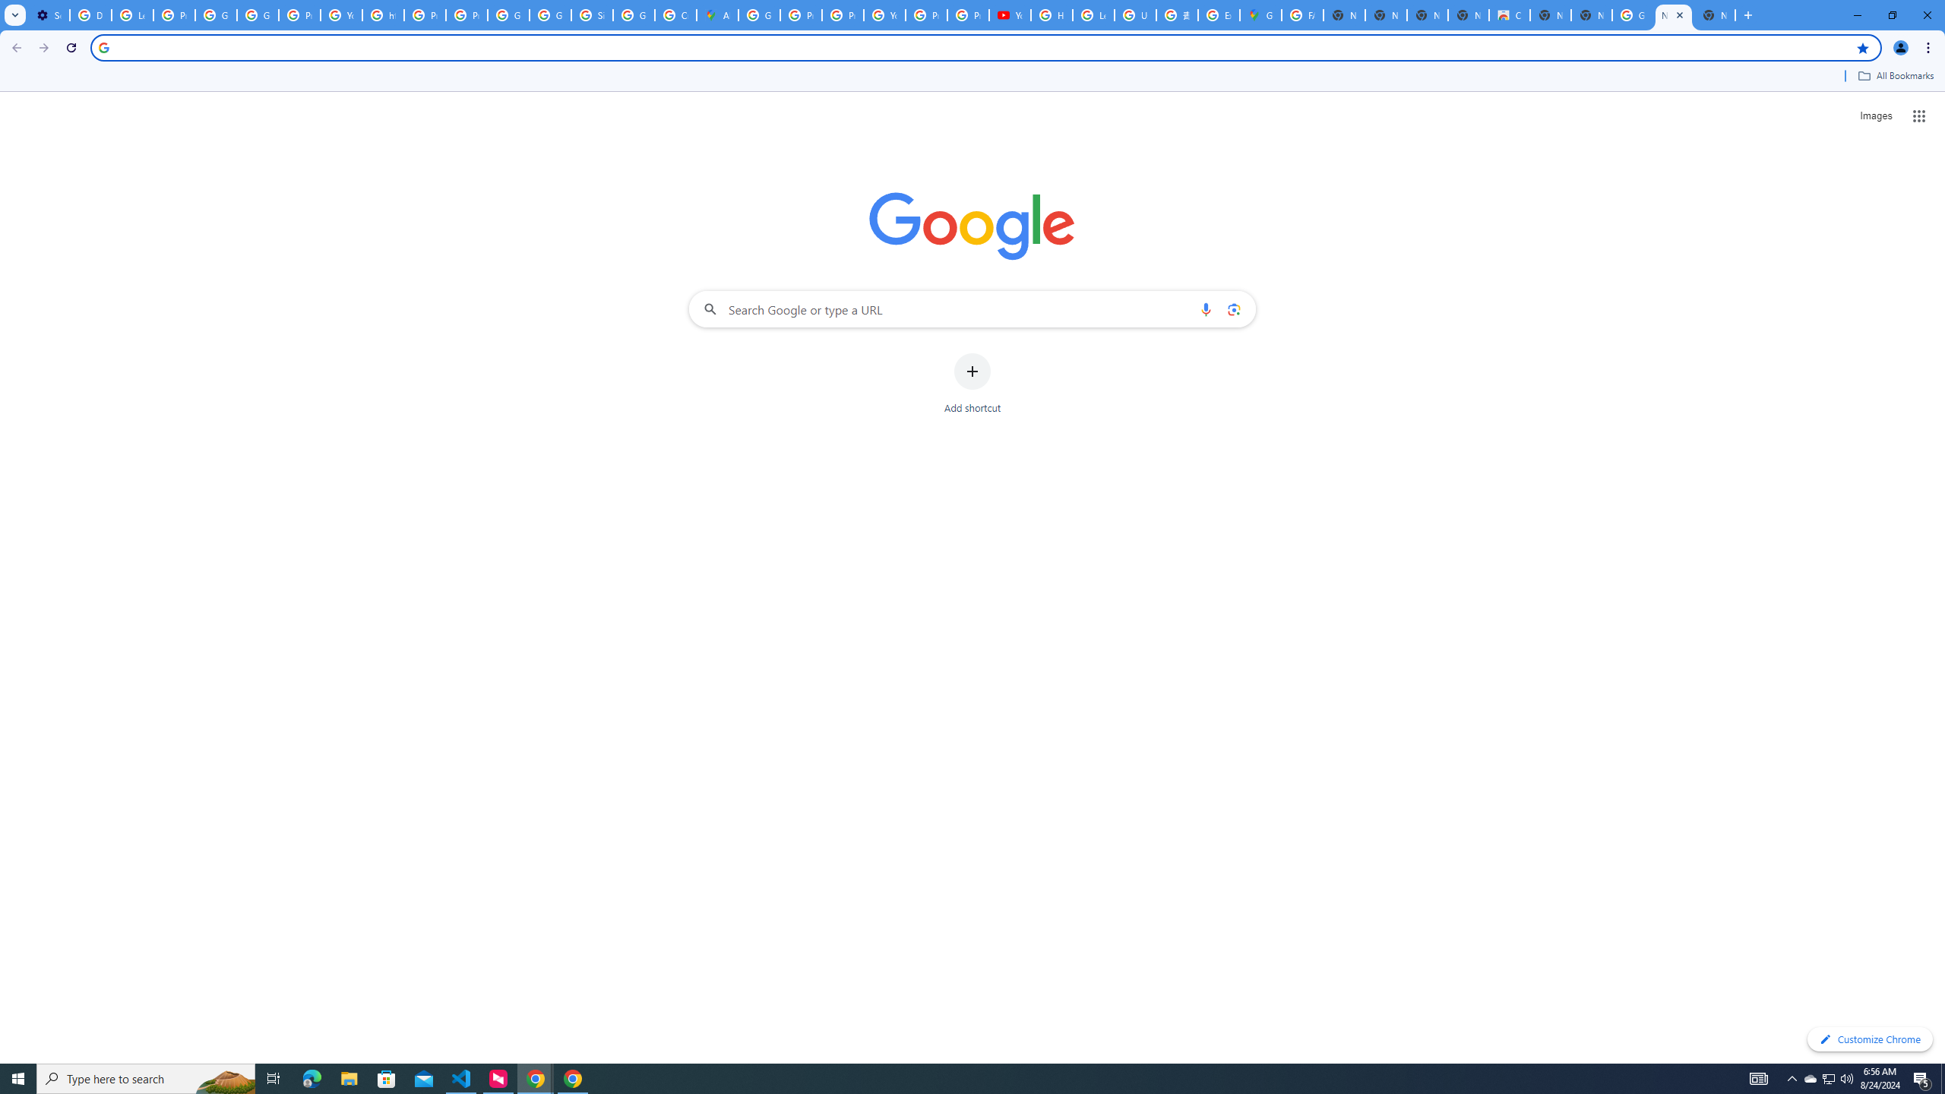  Describe the element at coordinates (1508, 14) in the screenshot. I see `'Chrome Web Store'` at that location.